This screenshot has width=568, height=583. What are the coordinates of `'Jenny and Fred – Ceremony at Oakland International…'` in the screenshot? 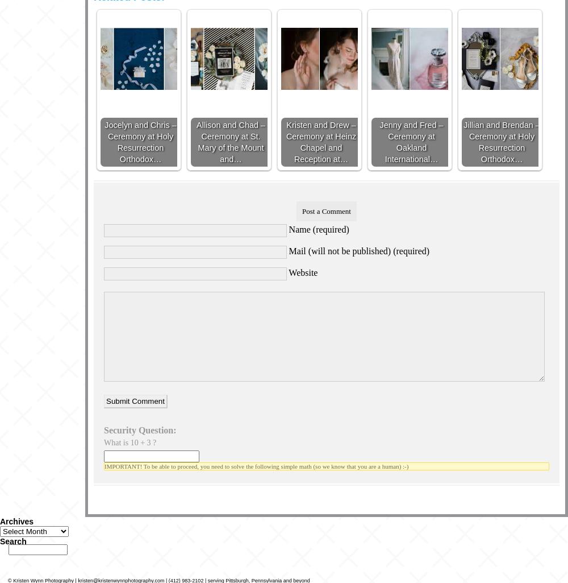 It's located at (411, 140).